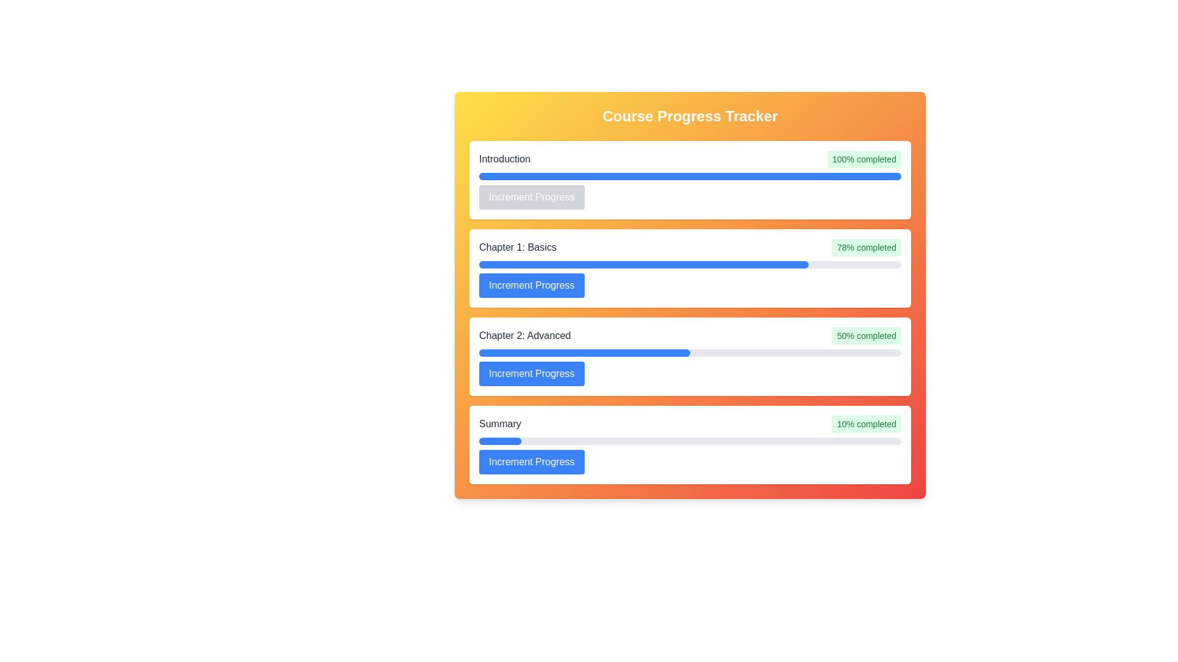 This screenshot has height=662, width=1178. Describe the element at coordinates (690, 264) in the screenshot. I see `the progress indicator bar located in the 'Chapter 1: Basics' section` at that location.